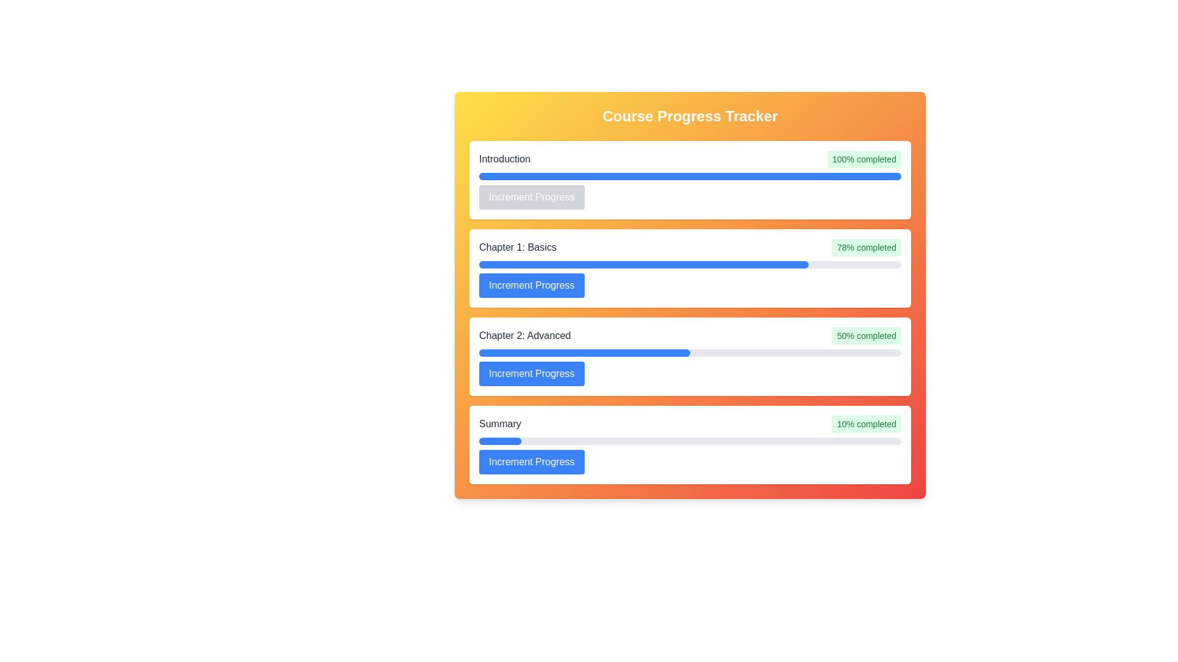 This screenshot has height=662, width=1178. Describe the element at coordinates (690, 264) in the screenshot. I see `the progress indicator bar located in the 'Chapter 1: Basics' section` at that location.